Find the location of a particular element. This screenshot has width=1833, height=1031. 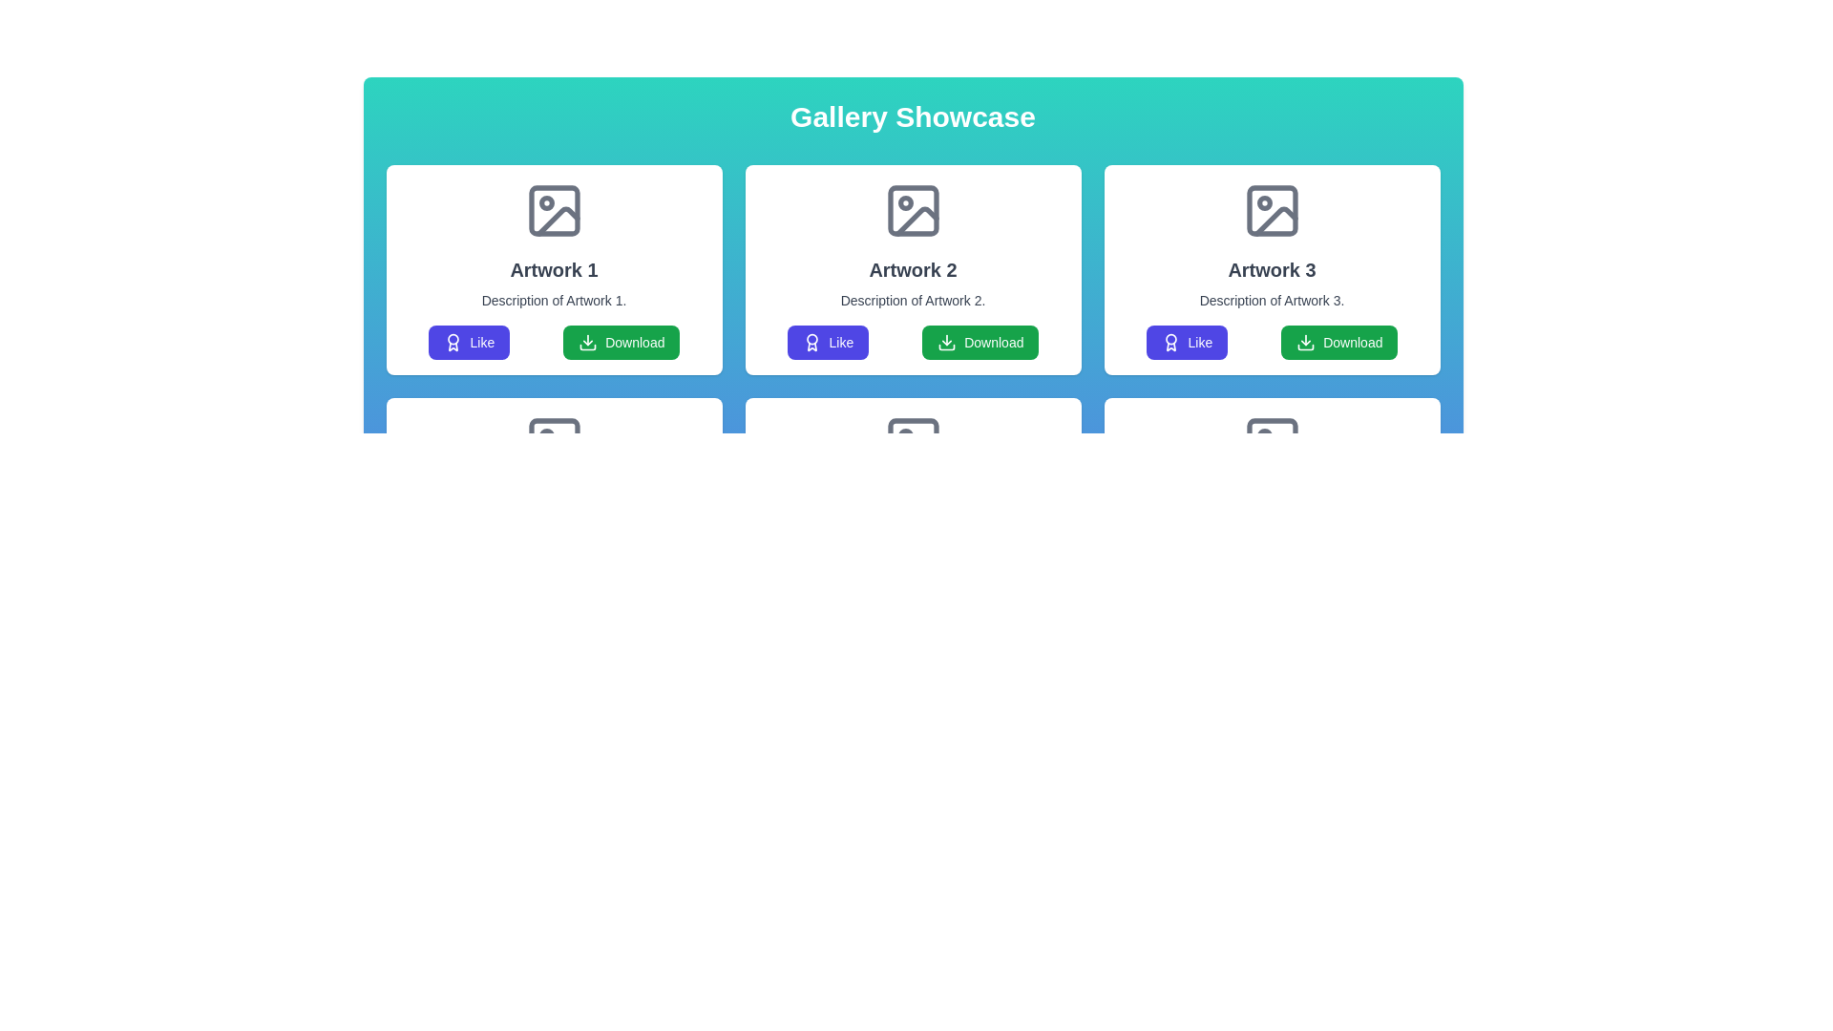

the icon representing the image placeholder in the card labeled 'Artwork 3', which is centered horizontally at the top section of the card is located at coordinates (1272, 210).